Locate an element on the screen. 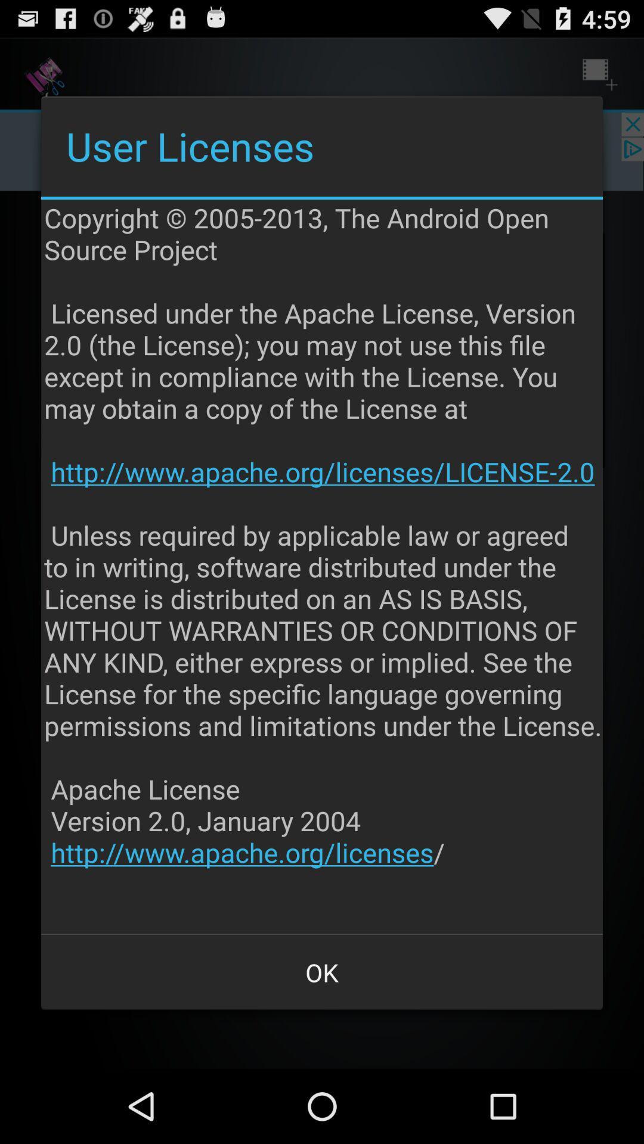 This screenshot has width=644, height=1144. the copyright 2005 2013 app is located at coordinates (323, 566).